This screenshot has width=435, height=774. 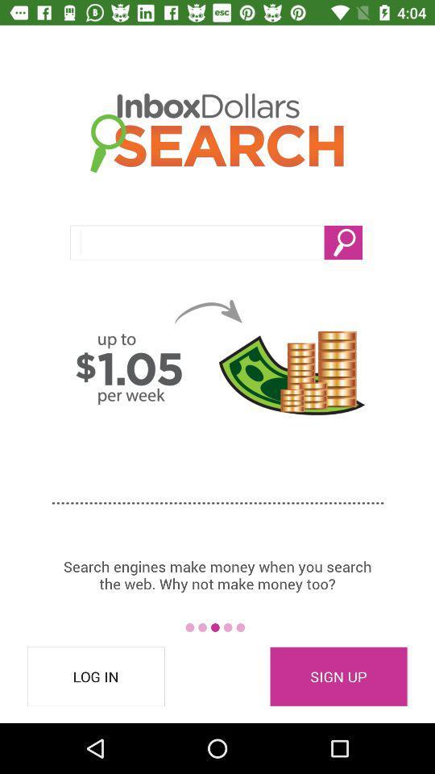 What do you see at coordinates (338, 676) in the screenshot?
I see `the icon at the bottom right corner` at bounding box center [338, 676].